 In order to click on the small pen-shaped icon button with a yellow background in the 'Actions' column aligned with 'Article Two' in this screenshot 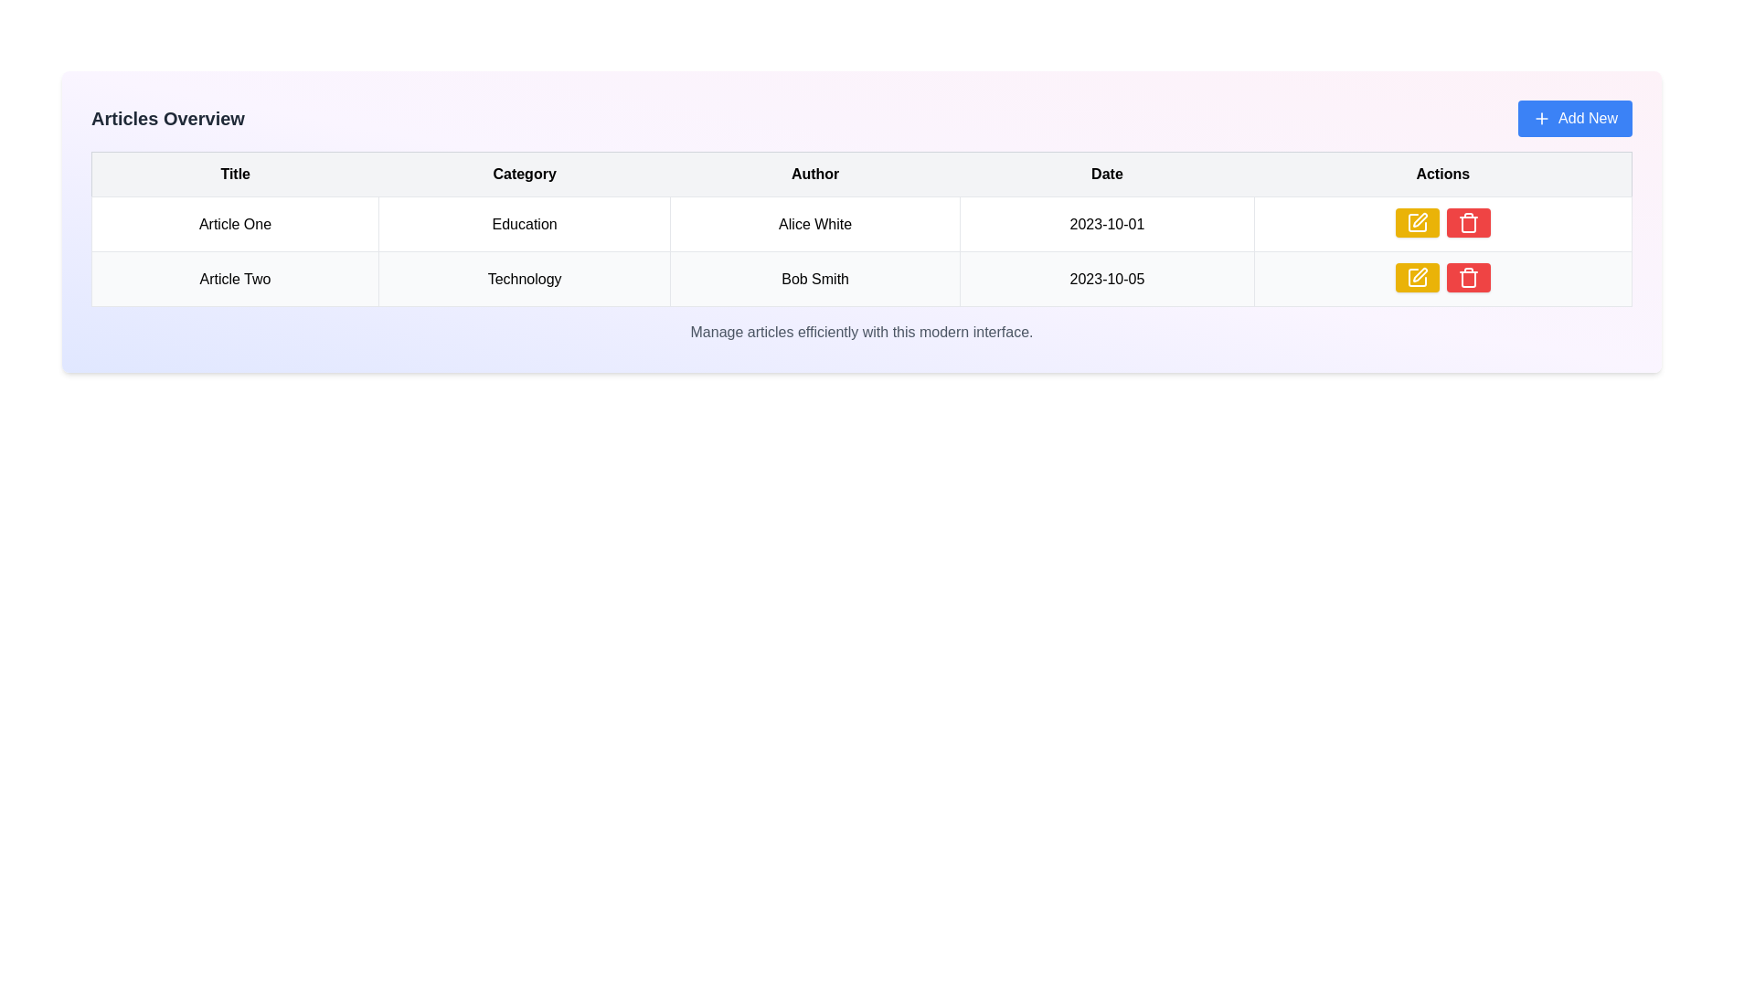, I will do `click(1420, 218)`.